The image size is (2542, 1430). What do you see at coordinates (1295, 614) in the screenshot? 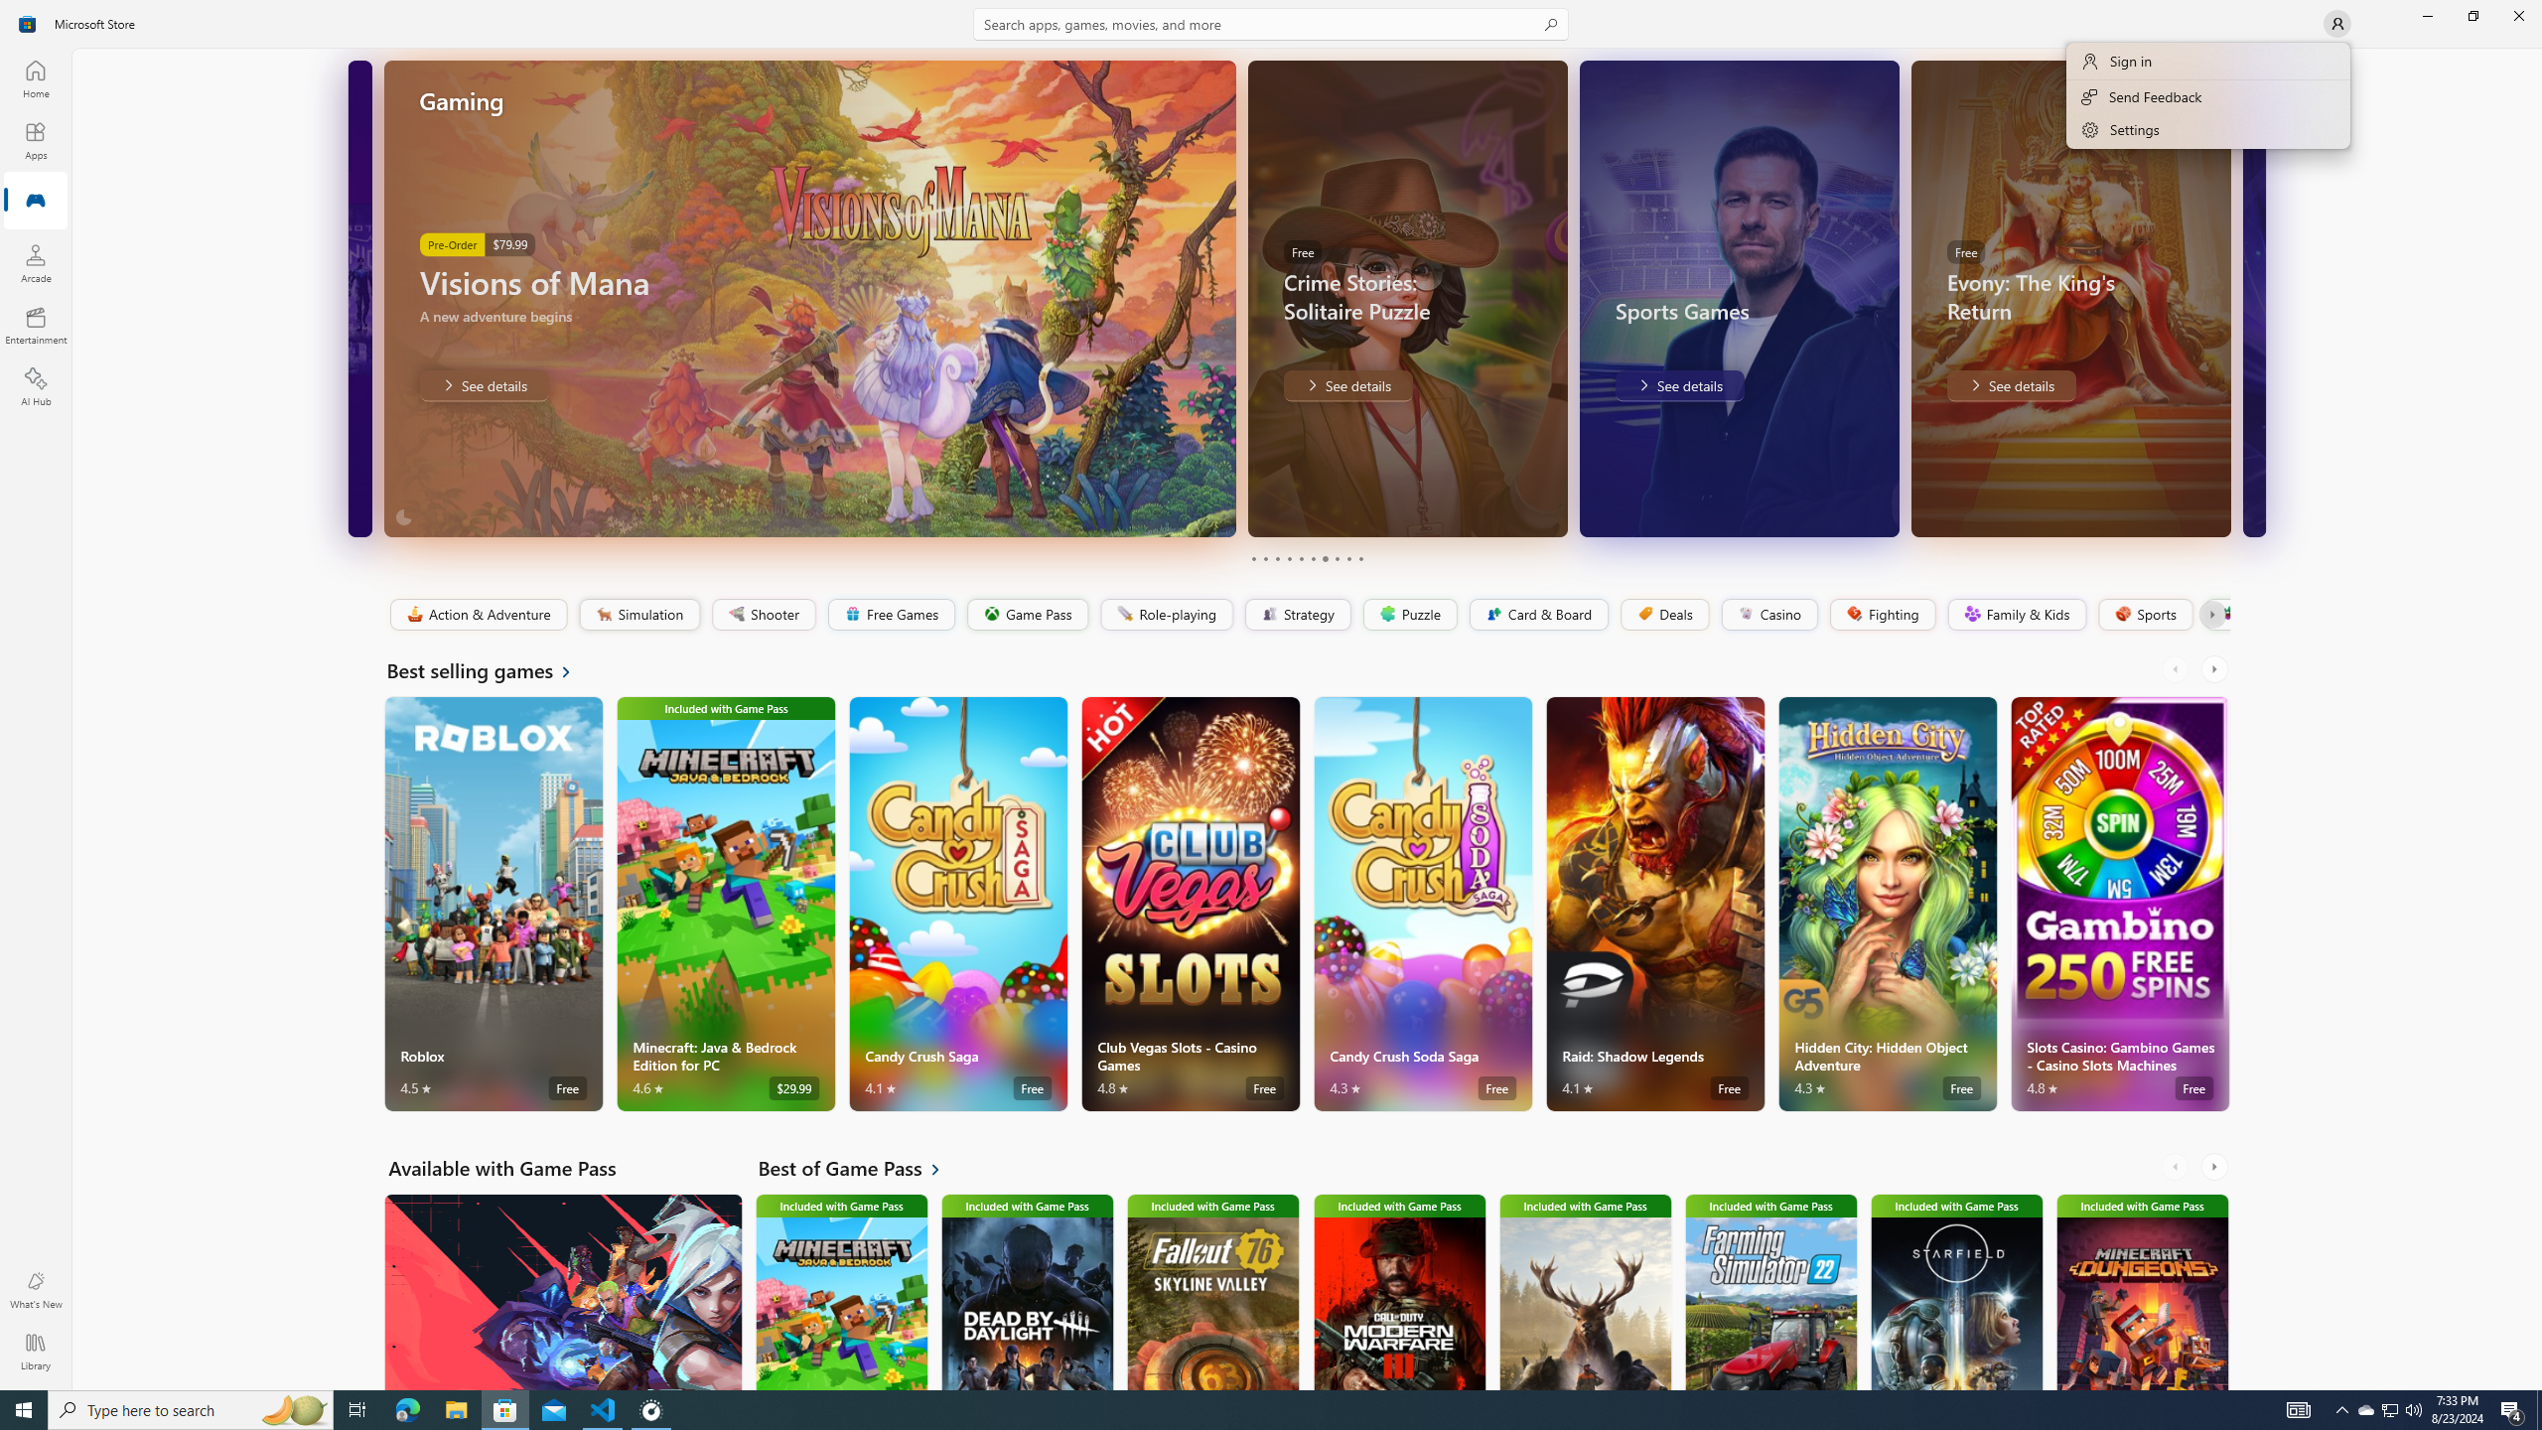
I see `'Strategy'` at bounding box center [1295, 614].